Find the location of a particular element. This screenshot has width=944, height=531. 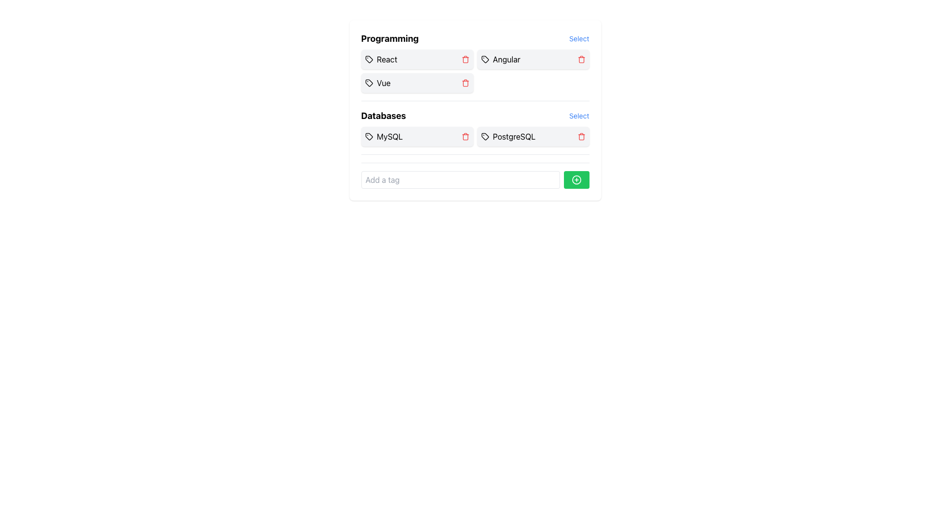

the clickable text label located at the top-right corner of the 'Programming' header is located at coordinates (579, 38).